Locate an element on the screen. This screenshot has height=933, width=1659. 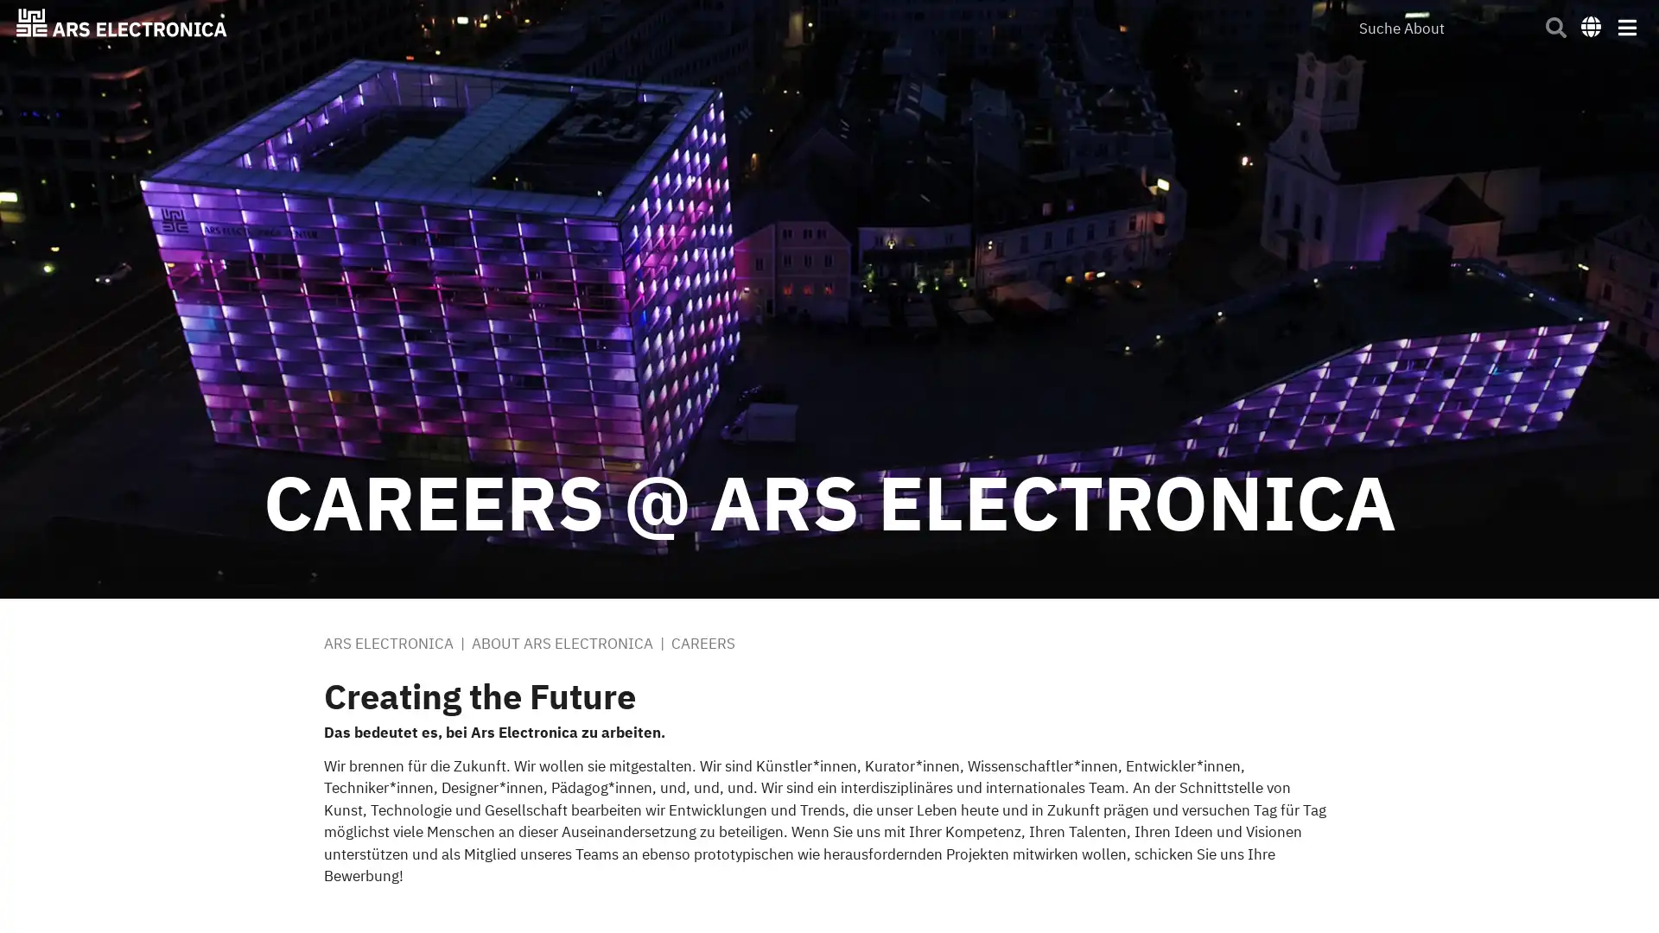
Show language menu is located at coordinates (1590, 25).